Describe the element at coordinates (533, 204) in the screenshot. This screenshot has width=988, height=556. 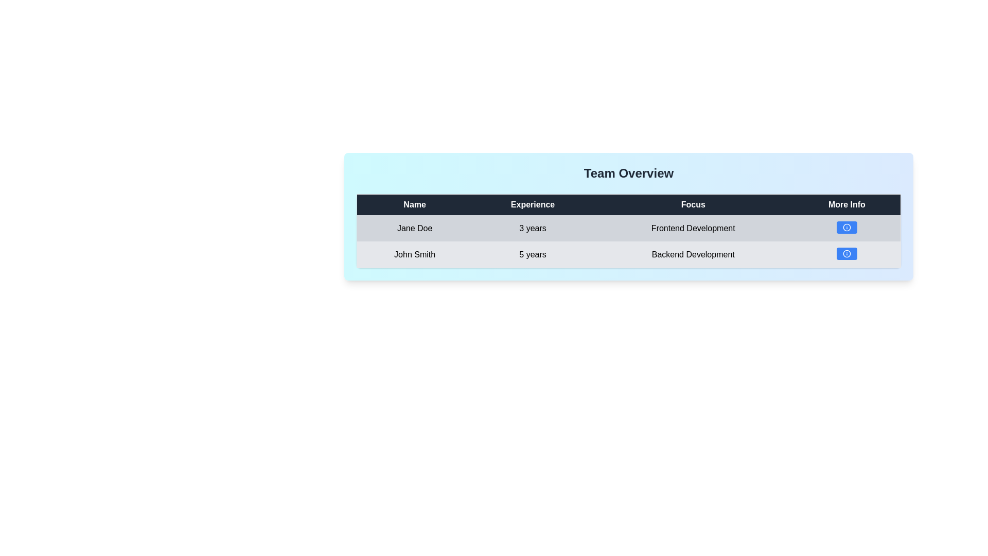
I see `the 'Experience' header label in the table, which has a dark background and white text, positioned between 'Name' and 'Focus'` at that location.